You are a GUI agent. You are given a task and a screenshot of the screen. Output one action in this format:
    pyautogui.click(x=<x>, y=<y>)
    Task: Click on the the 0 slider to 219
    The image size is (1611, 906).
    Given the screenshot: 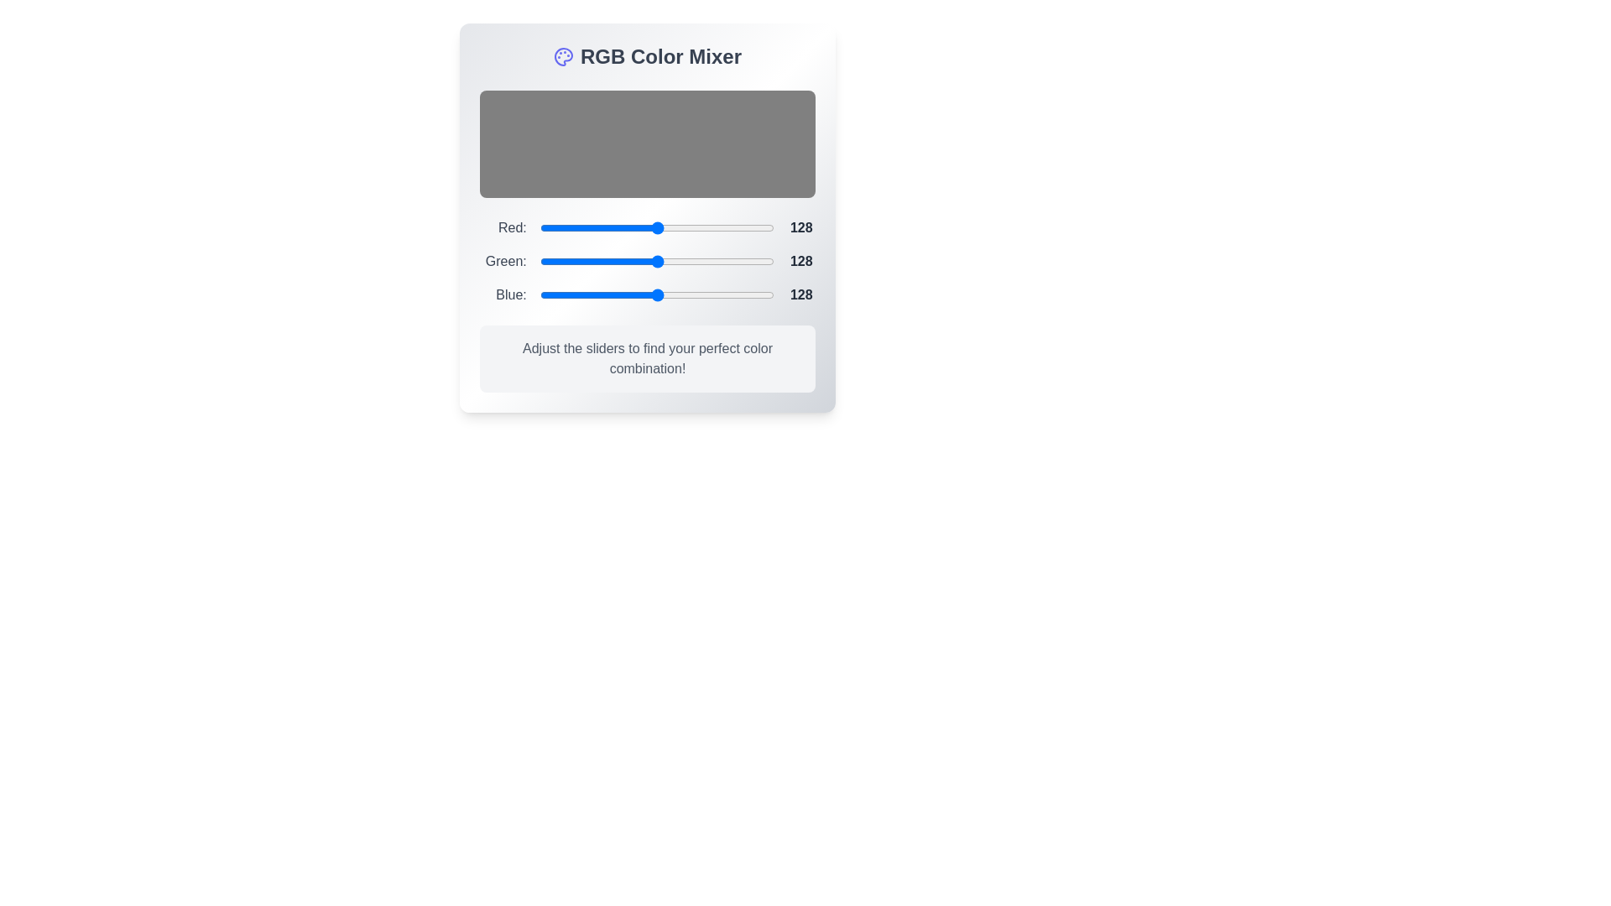 What is the action you would take?
    pyautogui.click(x=656, y=228)
    